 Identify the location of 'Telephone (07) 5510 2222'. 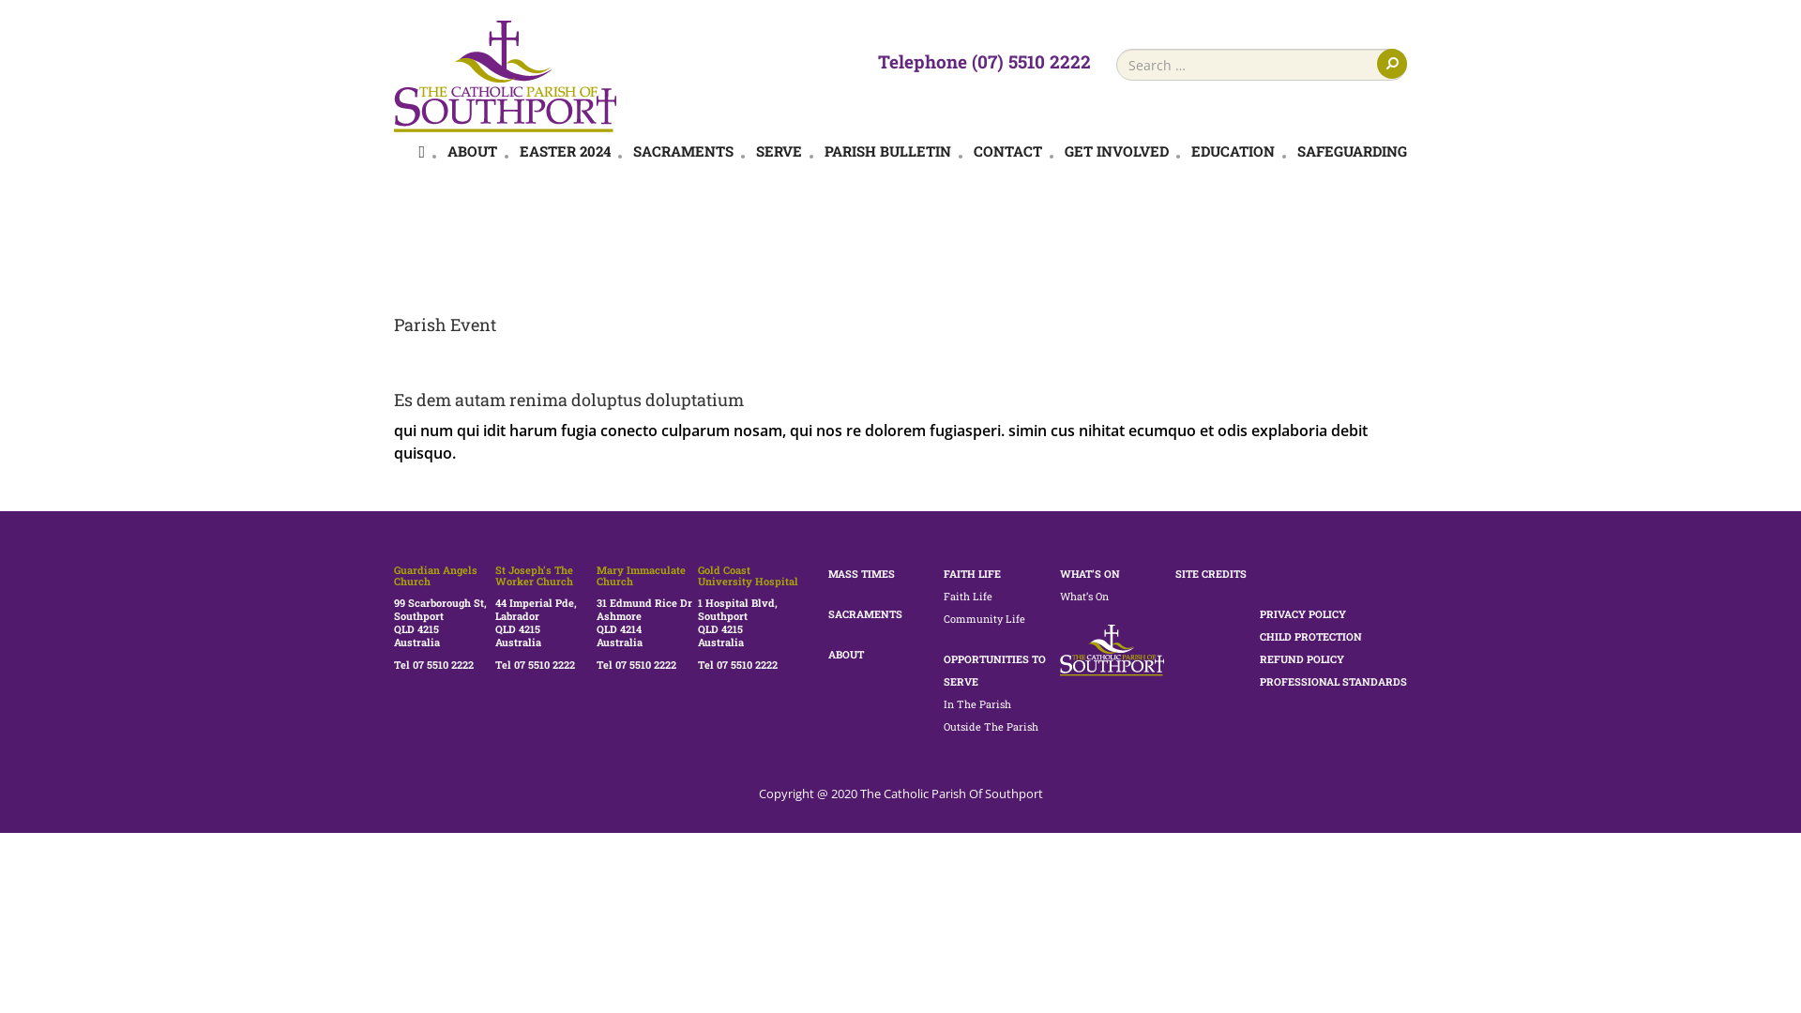
(983, 60).